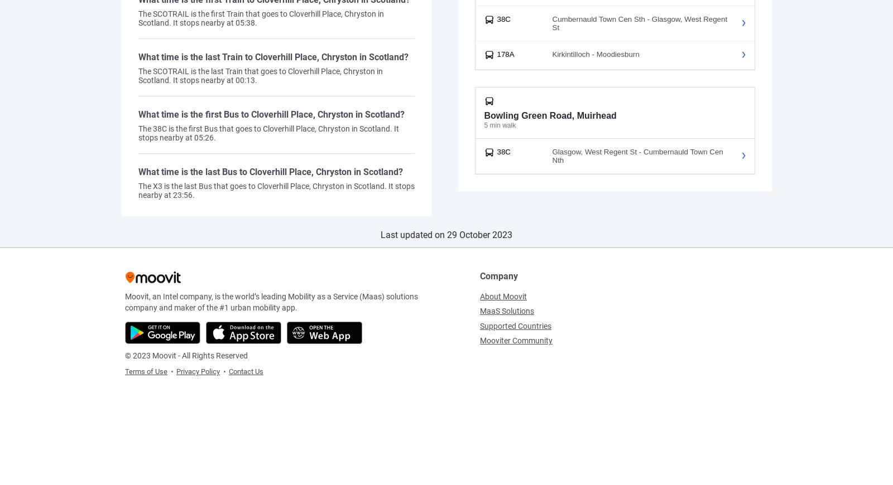 This screenshot has height=485, width=893. I want to click on 'What time is the last Train to Cloverhill Place, Chryston in Scotland?', so click(138, 56).